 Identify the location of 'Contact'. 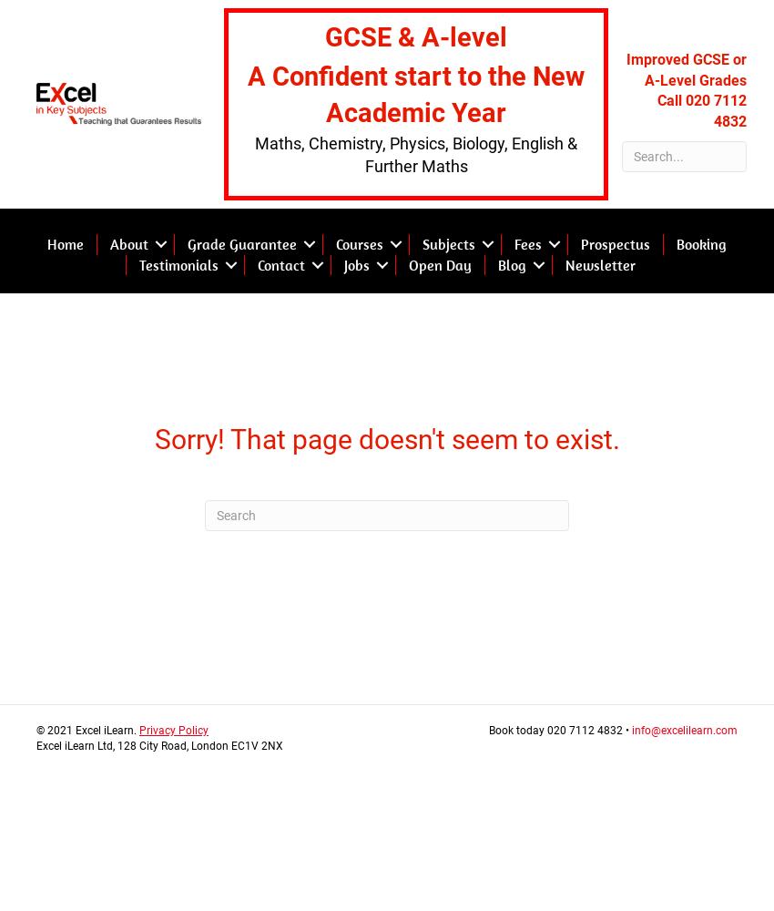
(256, 264).